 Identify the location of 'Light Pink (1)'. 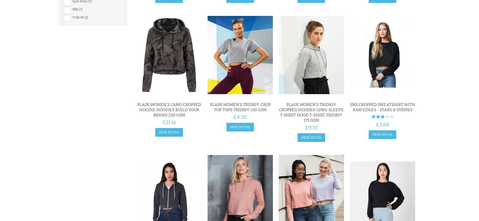
(82, 35).